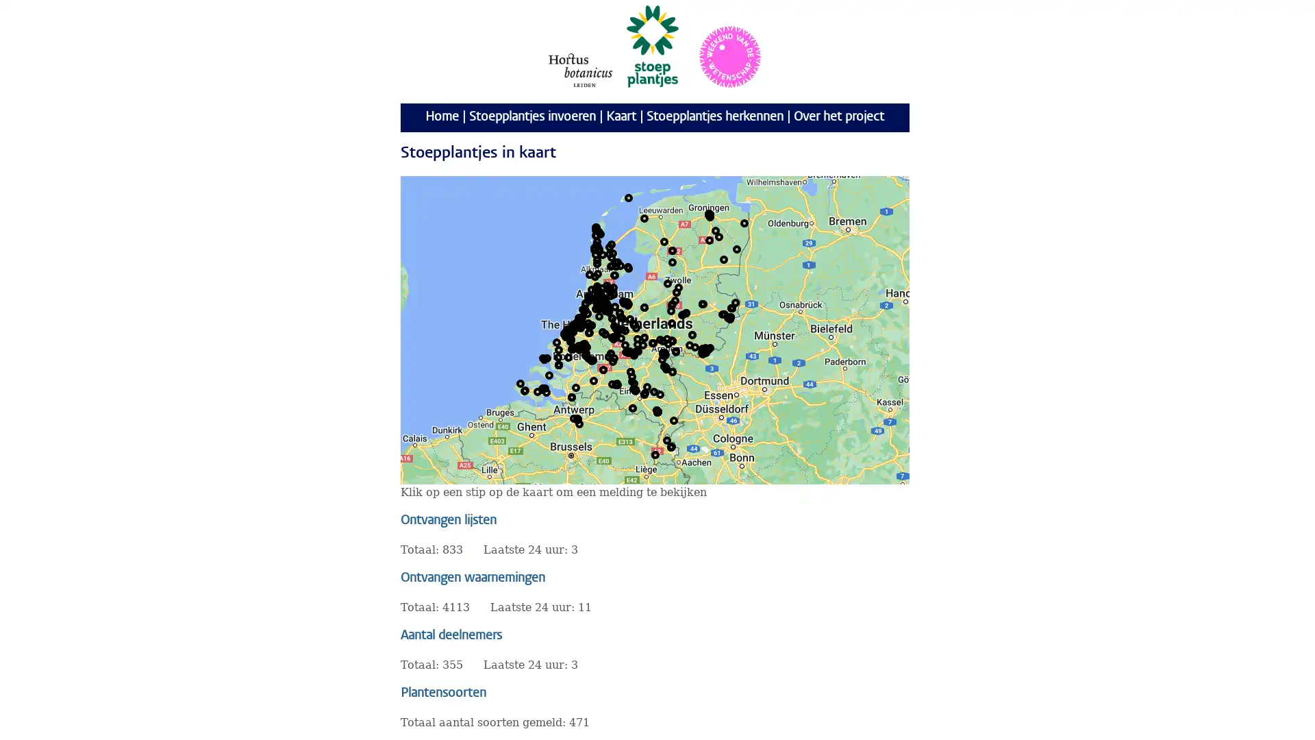 This screenshot has height=740, width=1315. Describe the element at coordinates (599, 299) in the screenshot. I see `Telling van op 02 februari 2022` at that location.